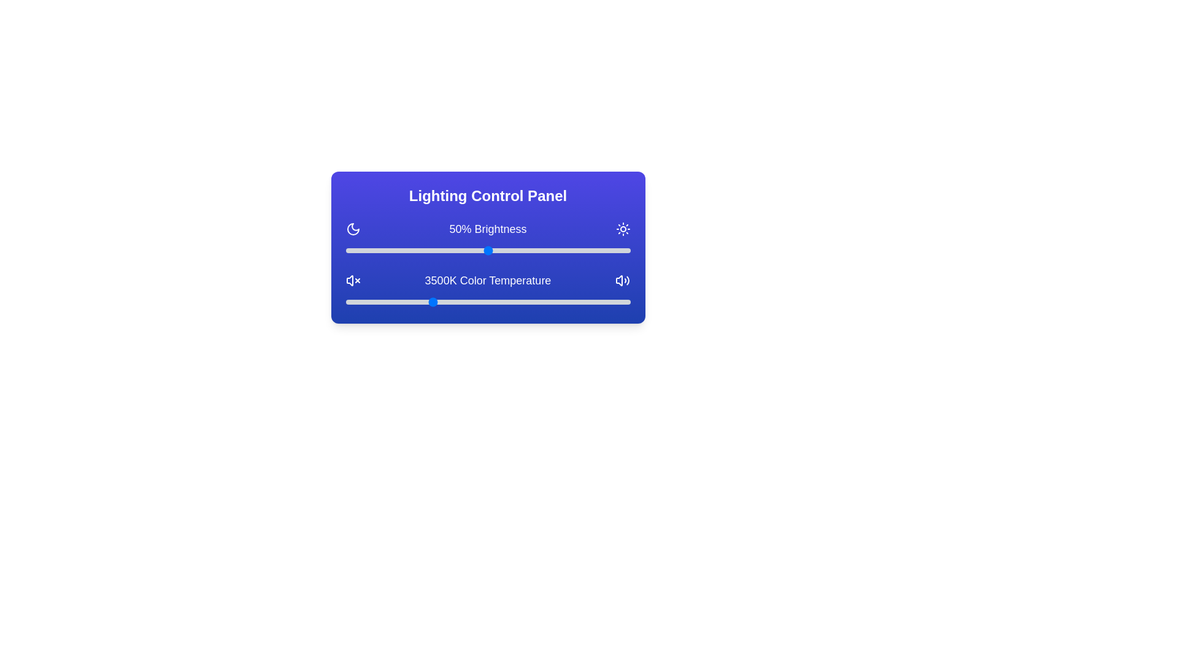 This screenshot has height=662, width=1178. What do you see at coordinates (618, 302) in the screenshot?
I see `the color temperature slider to 6793 K` at bounding box center [618, 302].